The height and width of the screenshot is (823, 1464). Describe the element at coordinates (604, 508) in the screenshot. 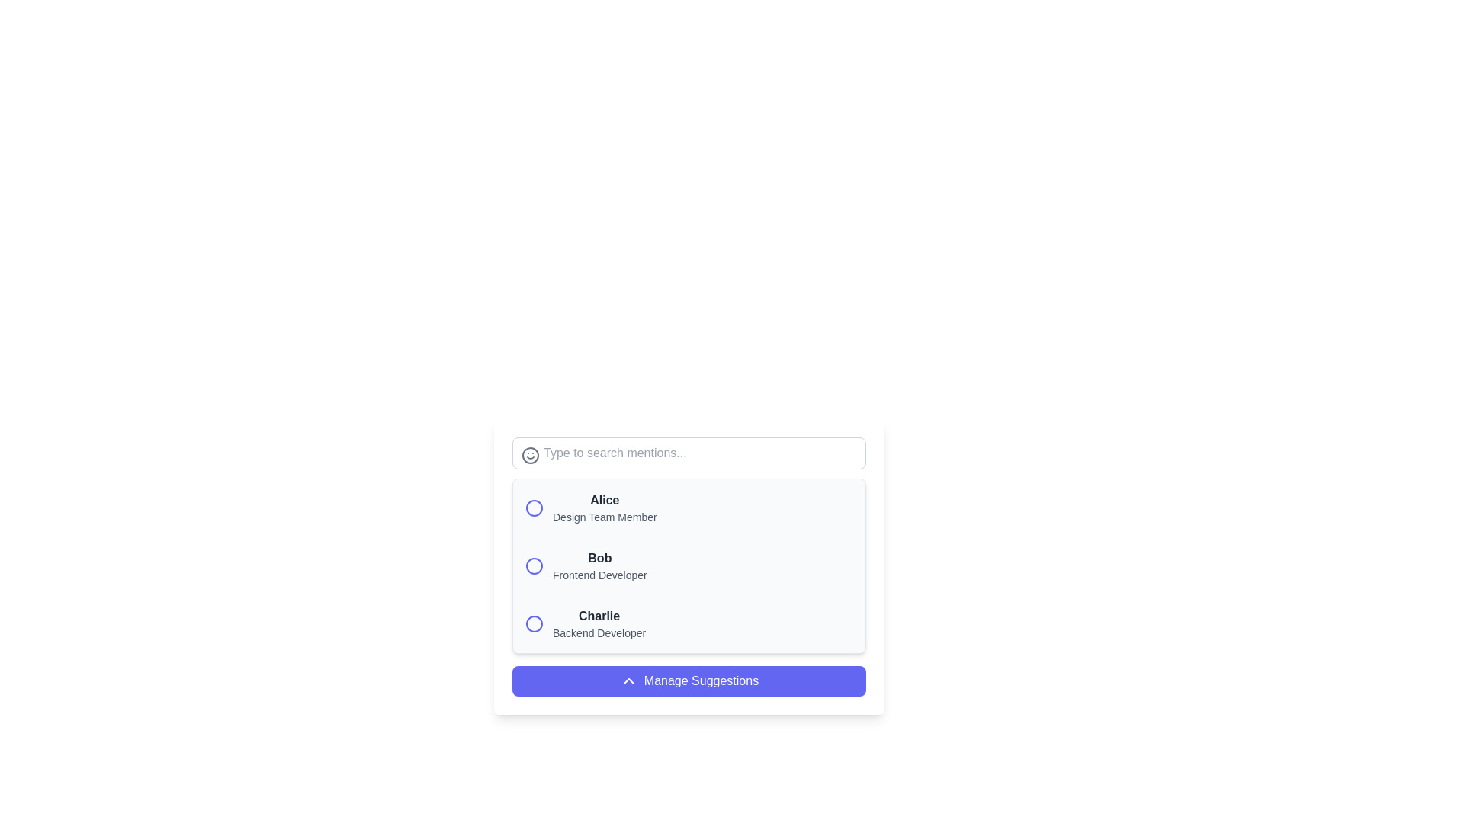

I see `the text display component that prominently features the name 'Alice' in bold and dark font, located above the entries for 'Bob' and 'Charlie'` at that location.